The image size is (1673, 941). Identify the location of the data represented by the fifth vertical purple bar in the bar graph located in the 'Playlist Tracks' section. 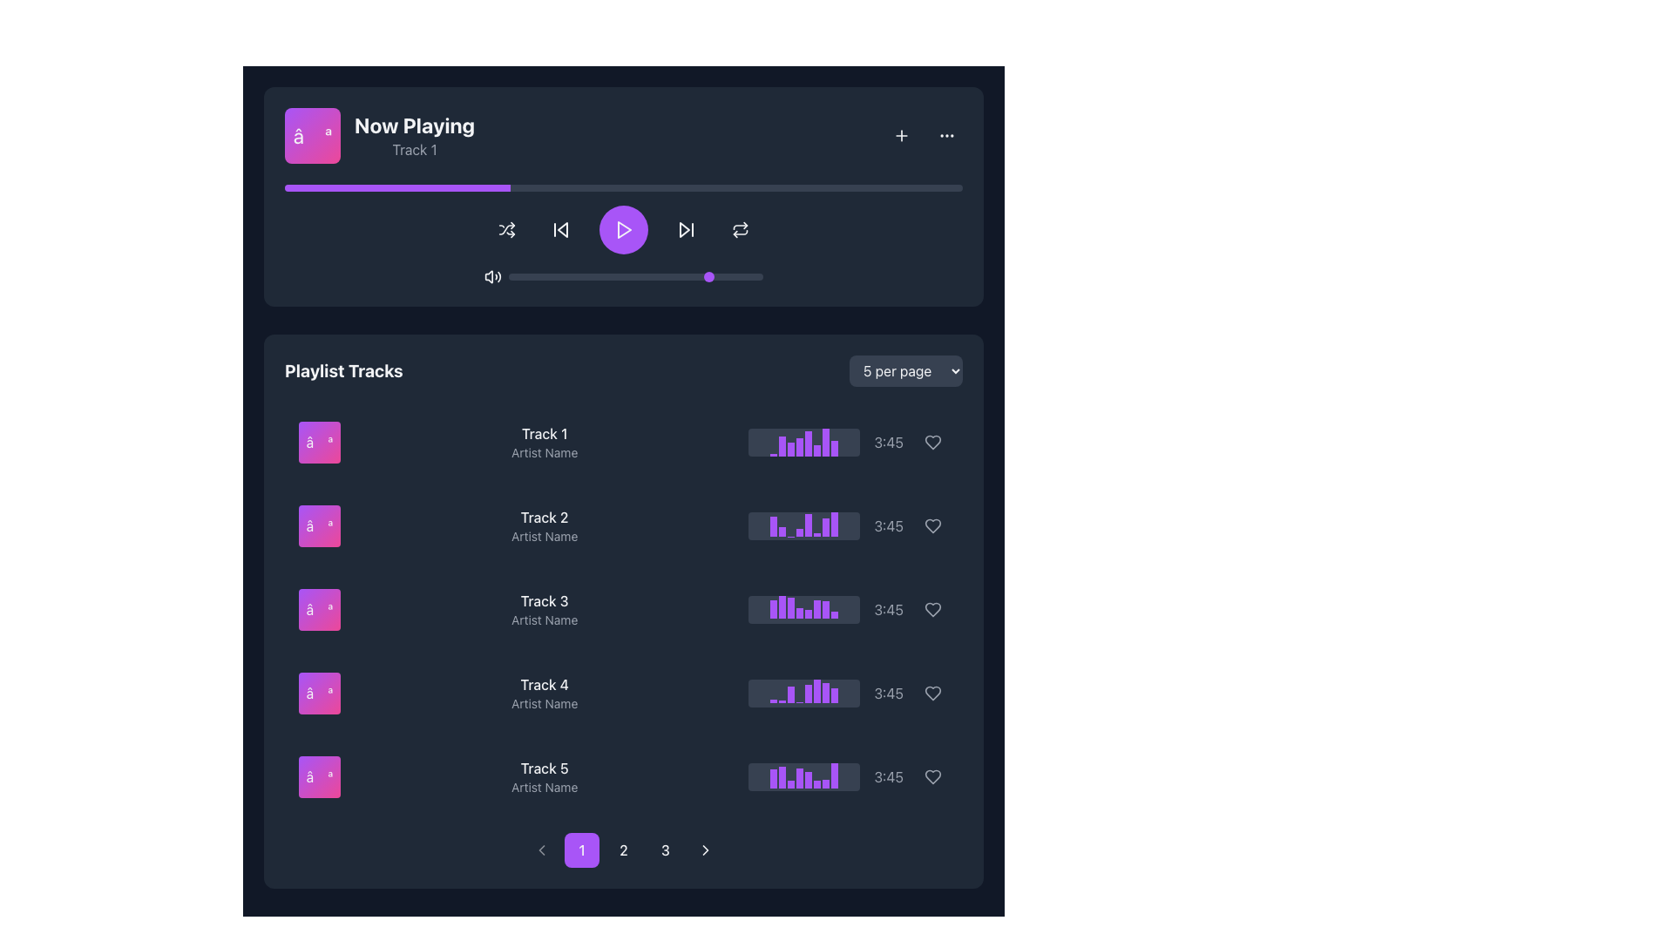
(808, 613).